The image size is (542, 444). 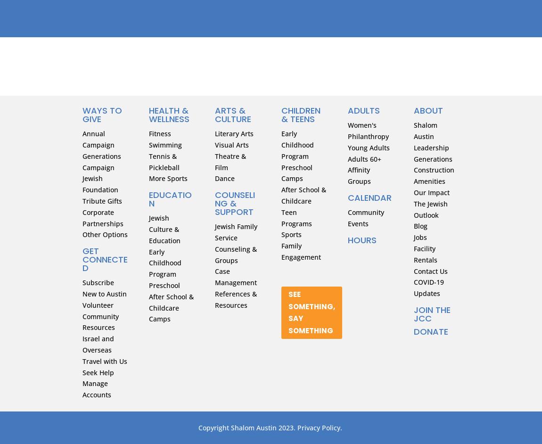 What do you see at coordinates (225, 178) in the screenshot?
I see `'Dance'` at bounding box center [225, 178].